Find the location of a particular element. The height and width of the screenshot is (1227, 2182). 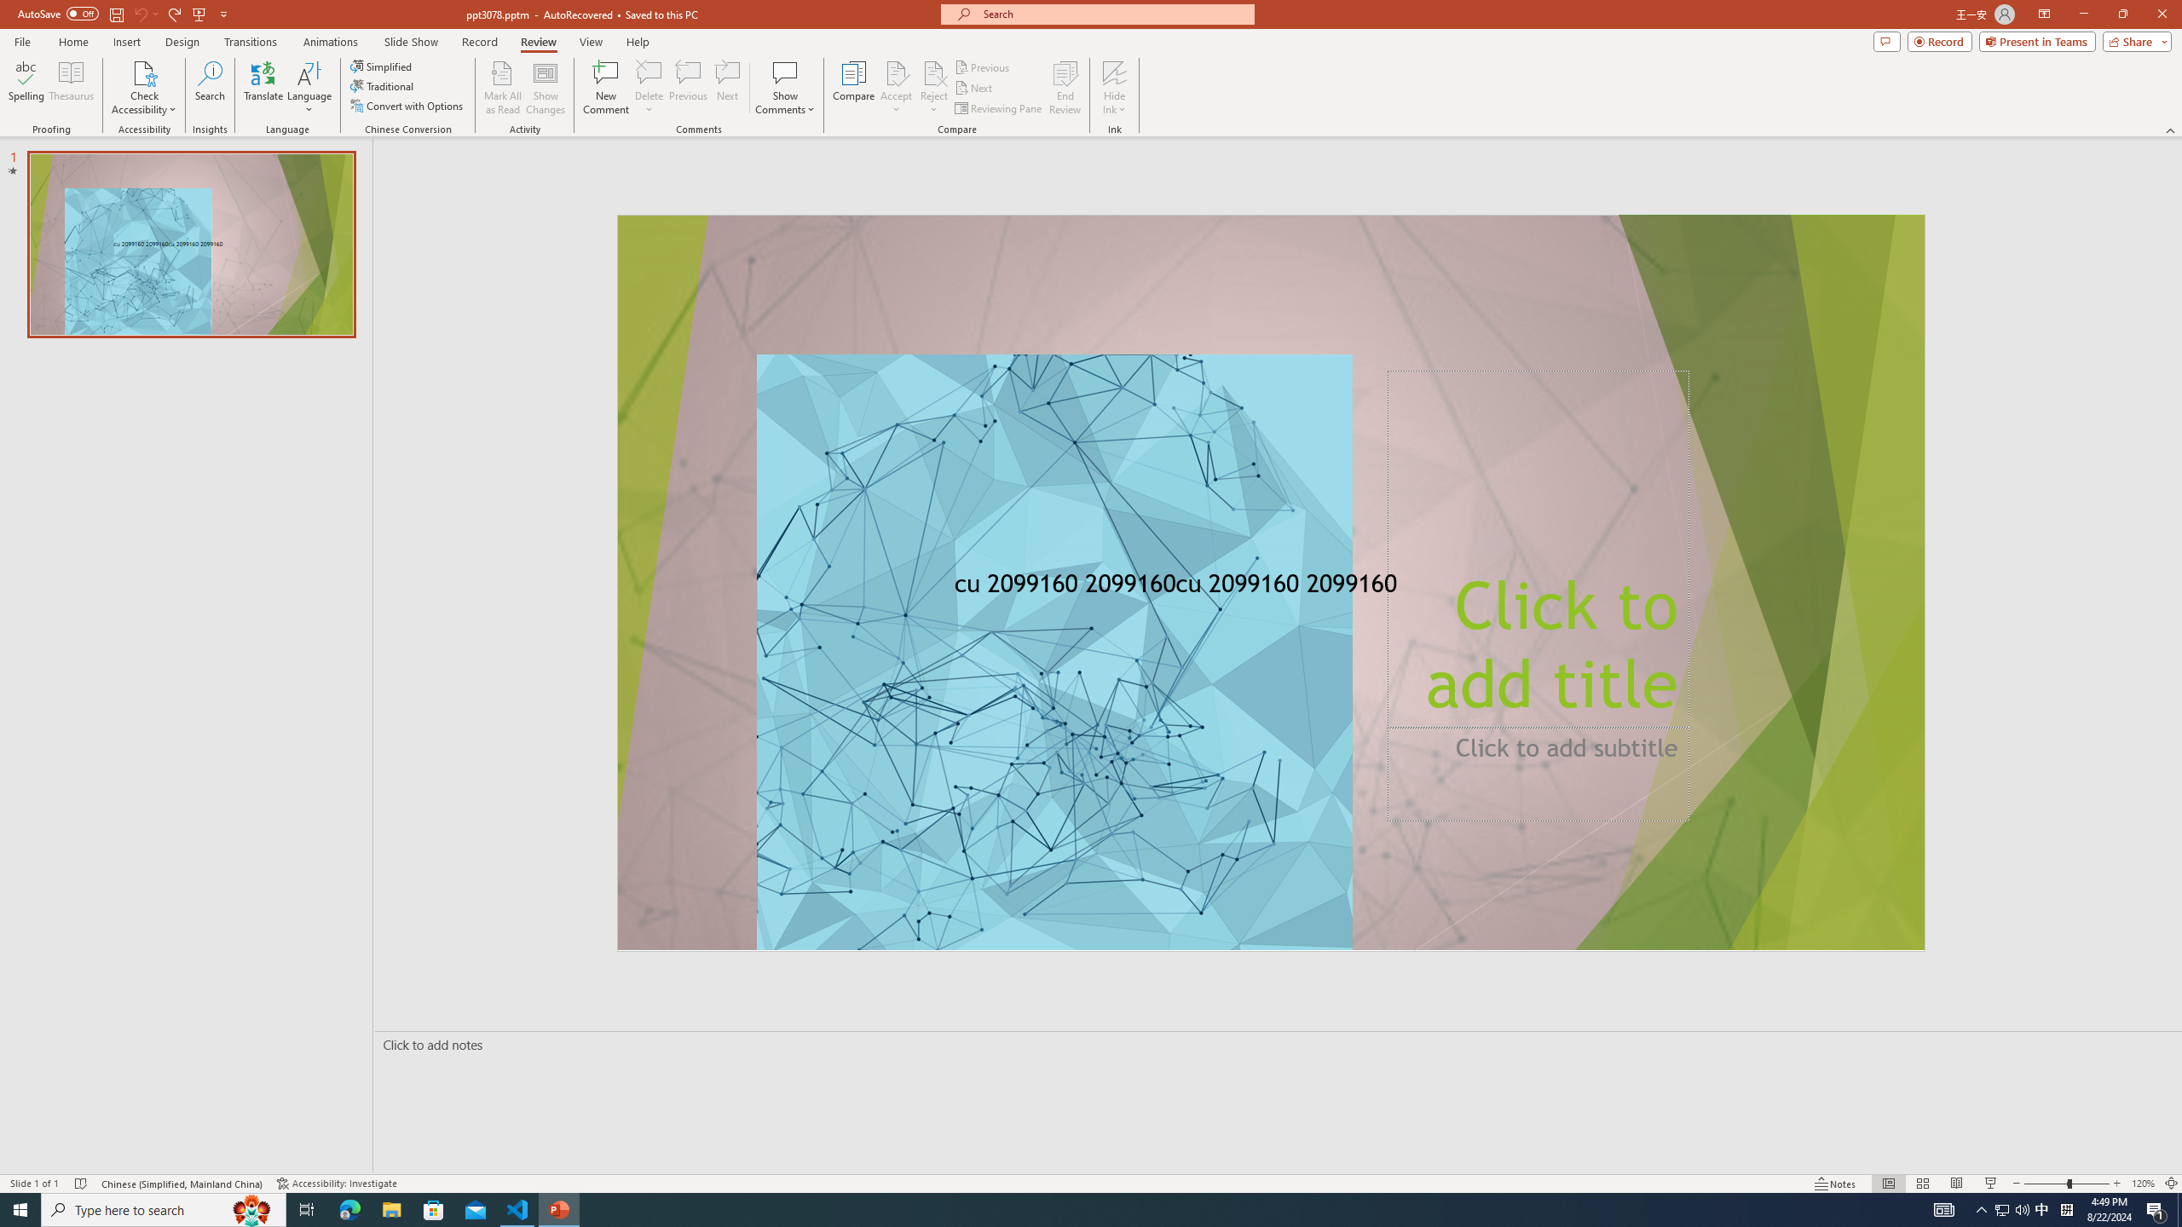

'Accept' is located at coordinates (896, 88).